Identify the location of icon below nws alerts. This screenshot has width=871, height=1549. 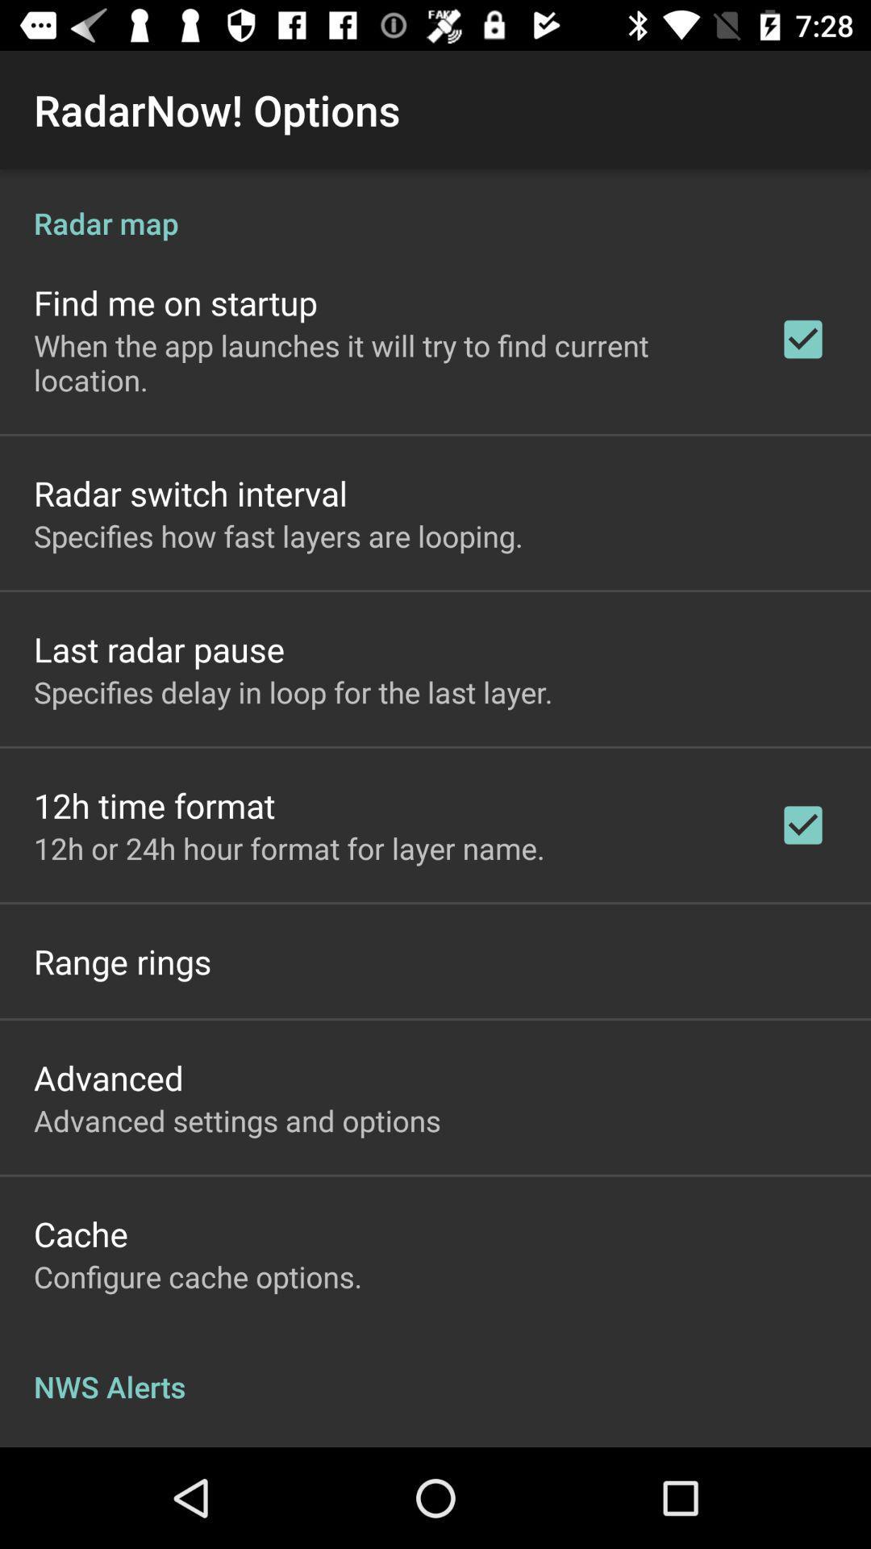
(142, 1445).